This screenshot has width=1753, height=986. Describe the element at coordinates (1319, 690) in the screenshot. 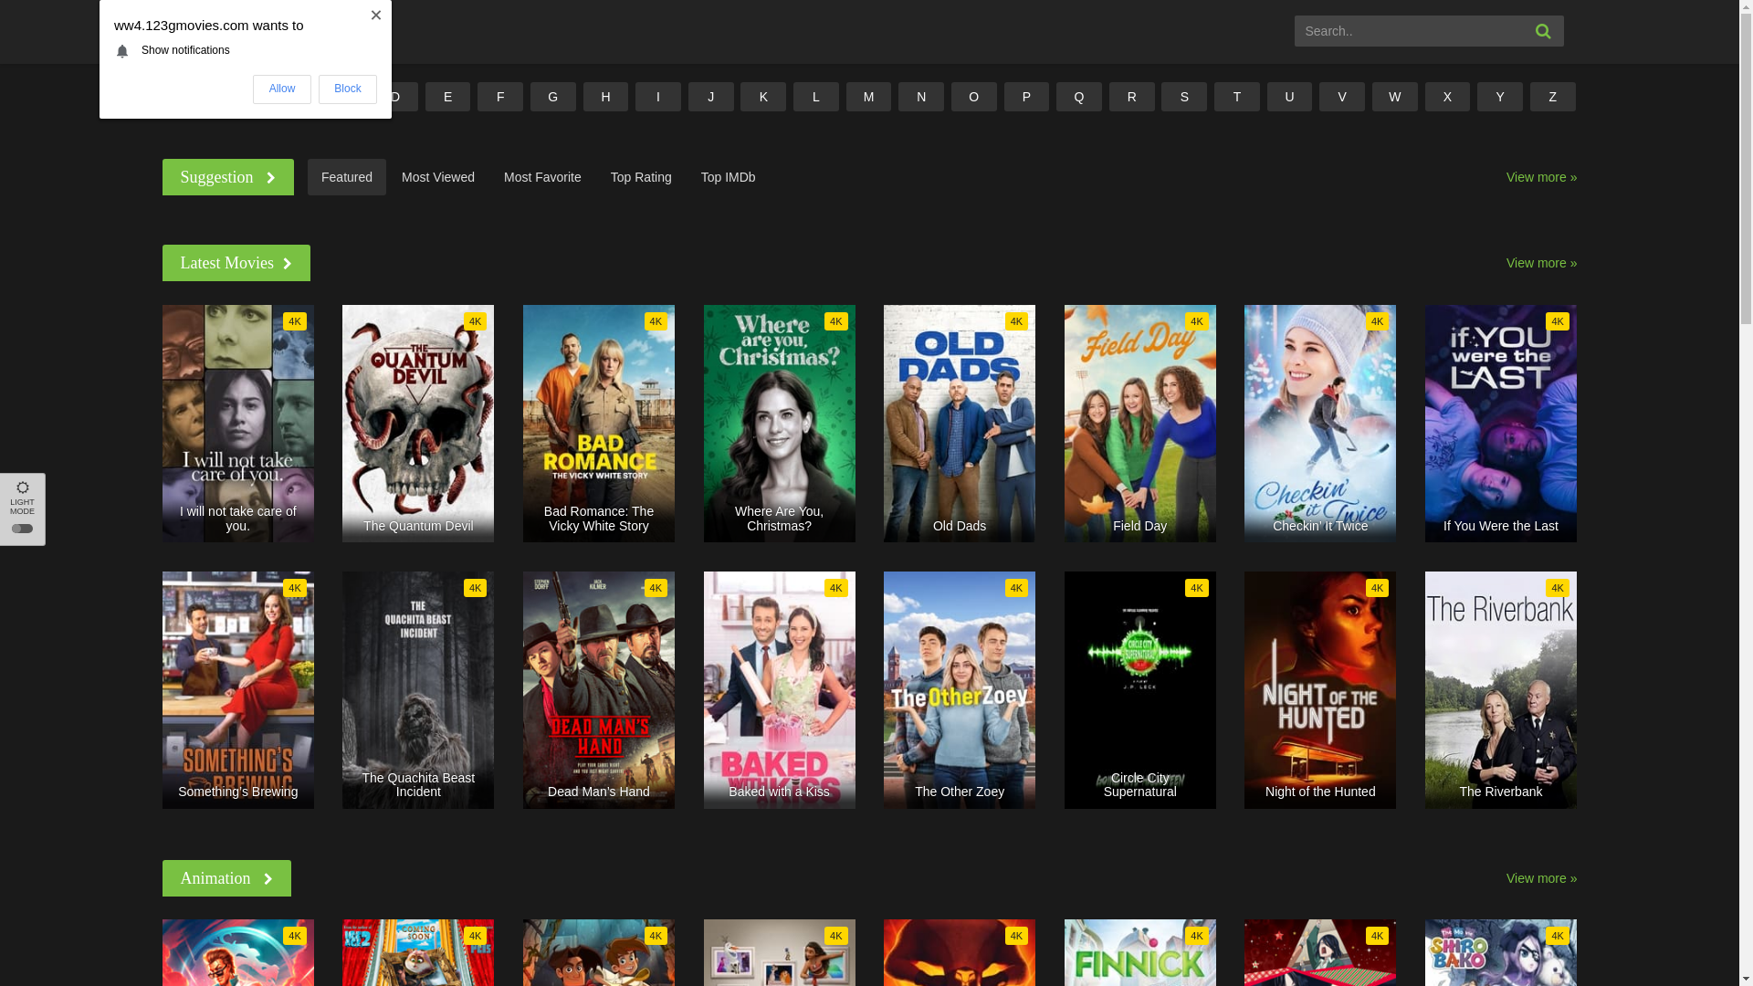

I see `'4K` at that location.